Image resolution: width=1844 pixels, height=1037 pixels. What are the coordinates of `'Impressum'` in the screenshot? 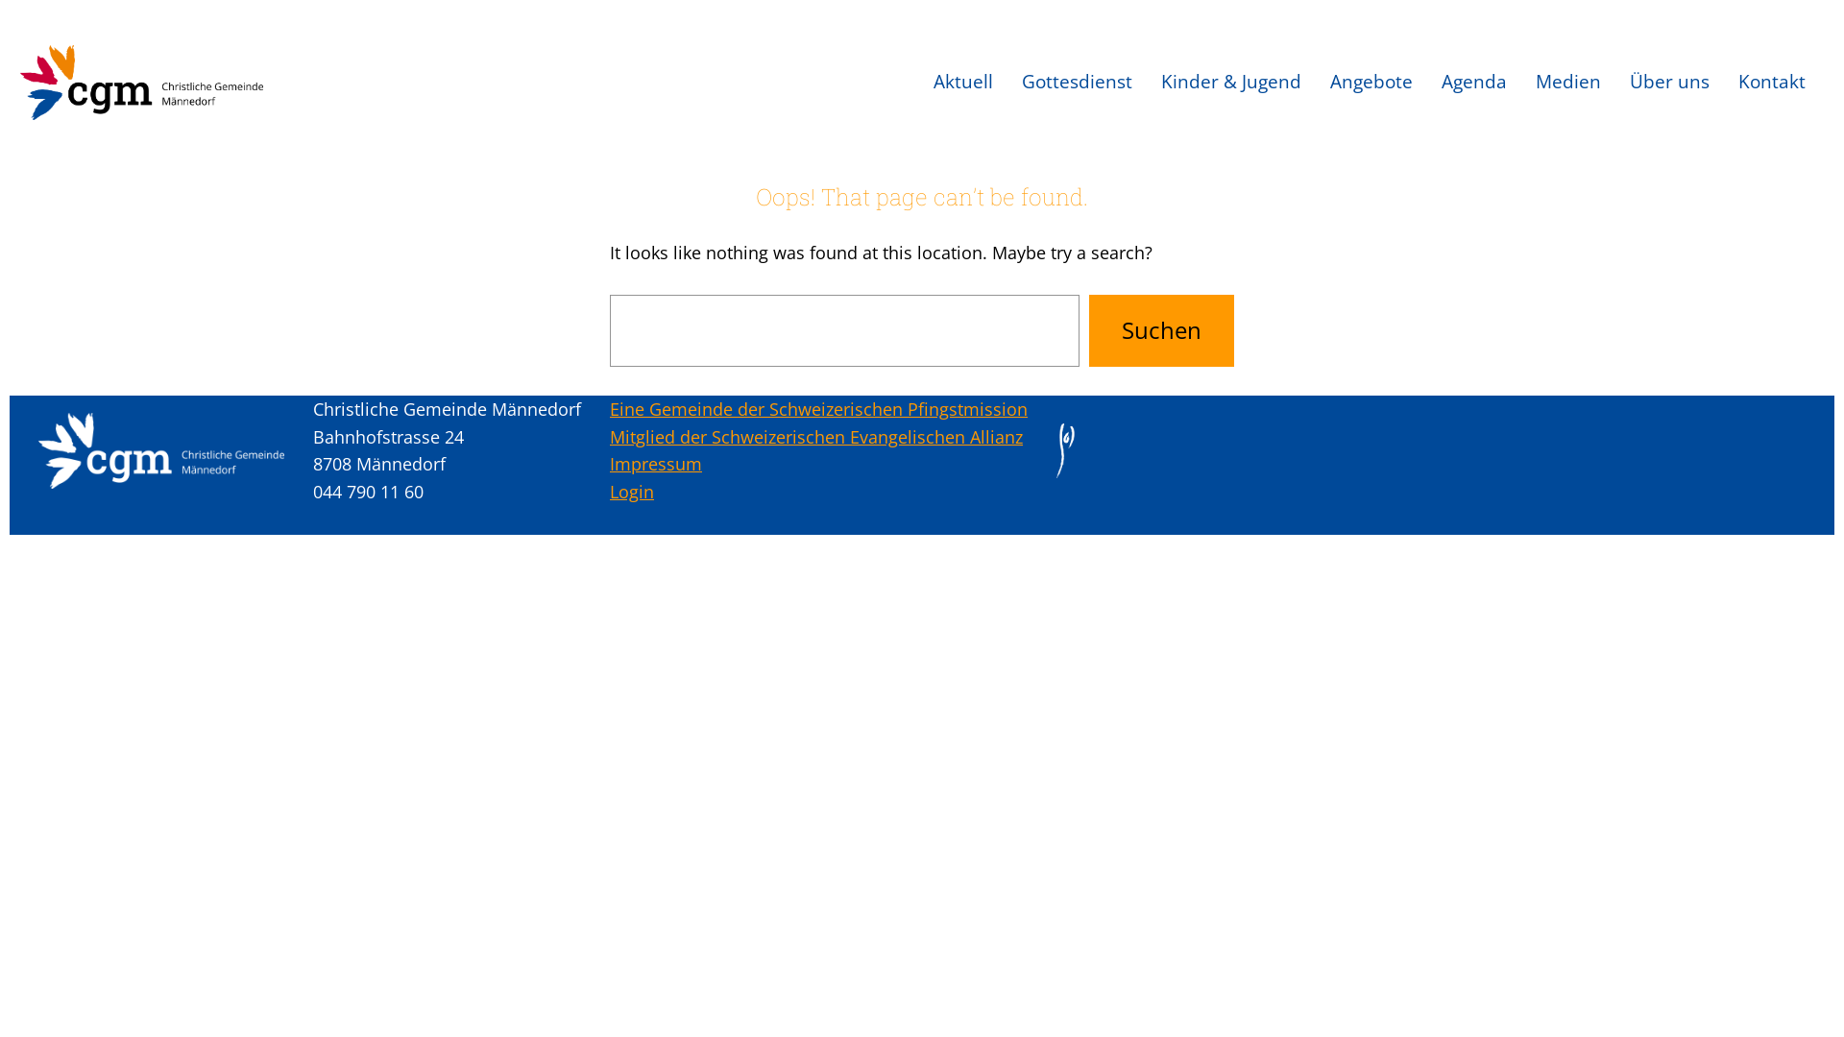 It's located at (655, 463).